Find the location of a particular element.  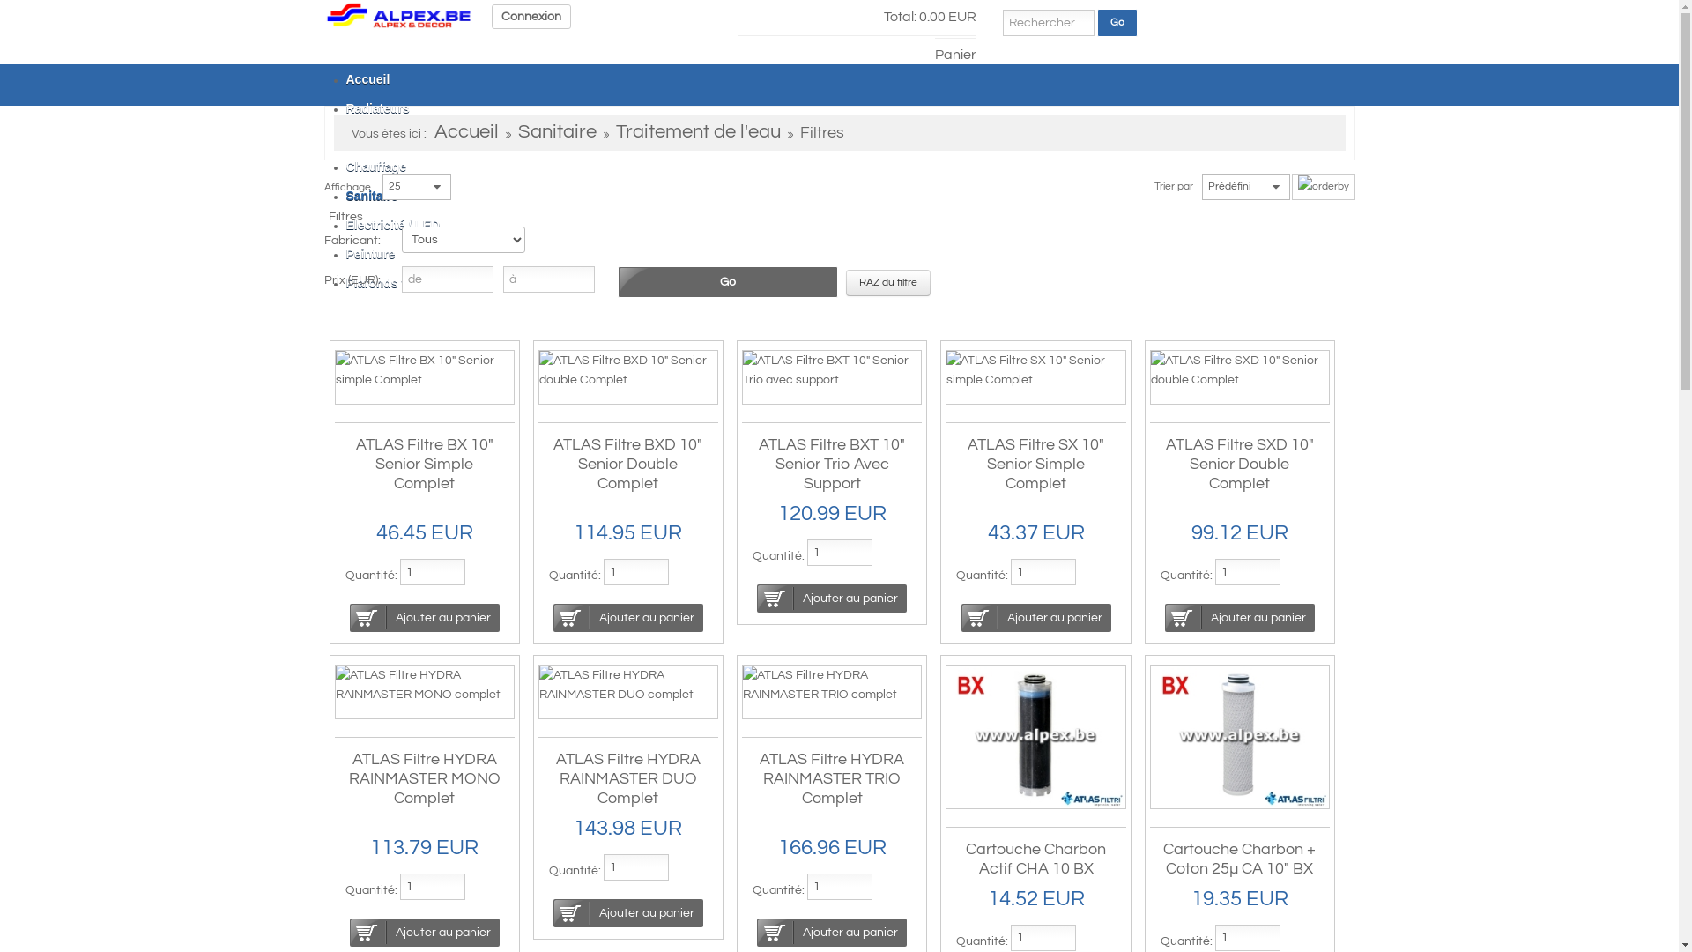

'Chauffage' is located at coordinates (345, 167).